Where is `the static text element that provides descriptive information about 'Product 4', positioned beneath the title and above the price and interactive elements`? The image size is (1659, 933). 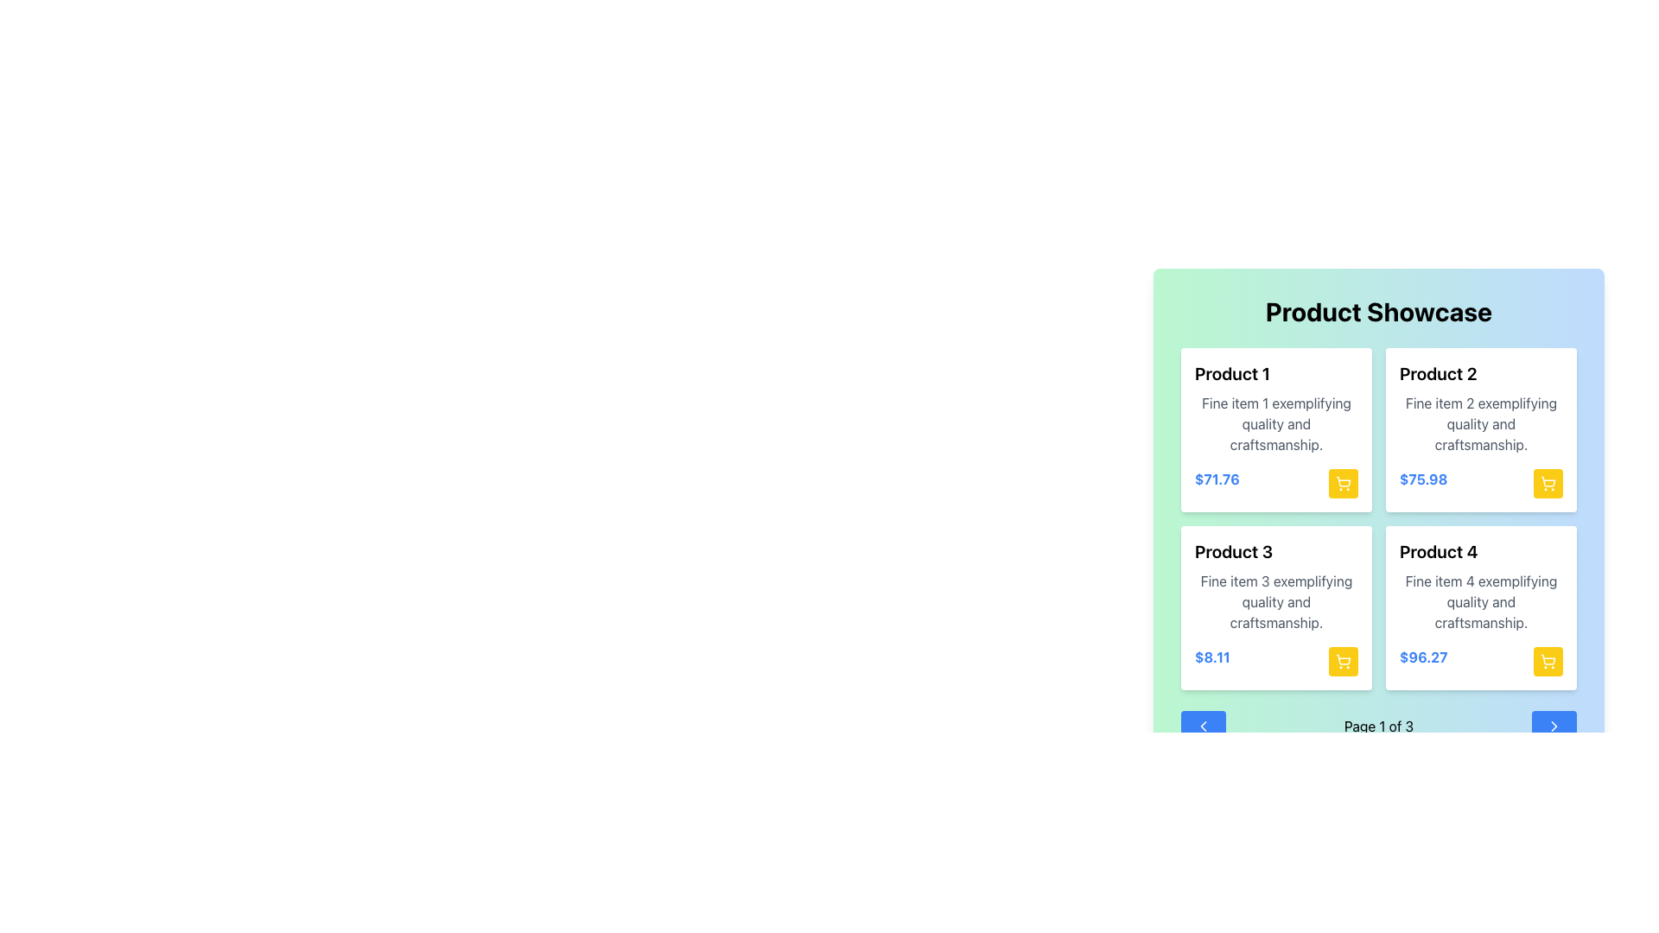 the static text element that provides descriptive information about 'Product 4', positioned beneath the title and above the price and interactive elements is located at coordinates (1480, 601).